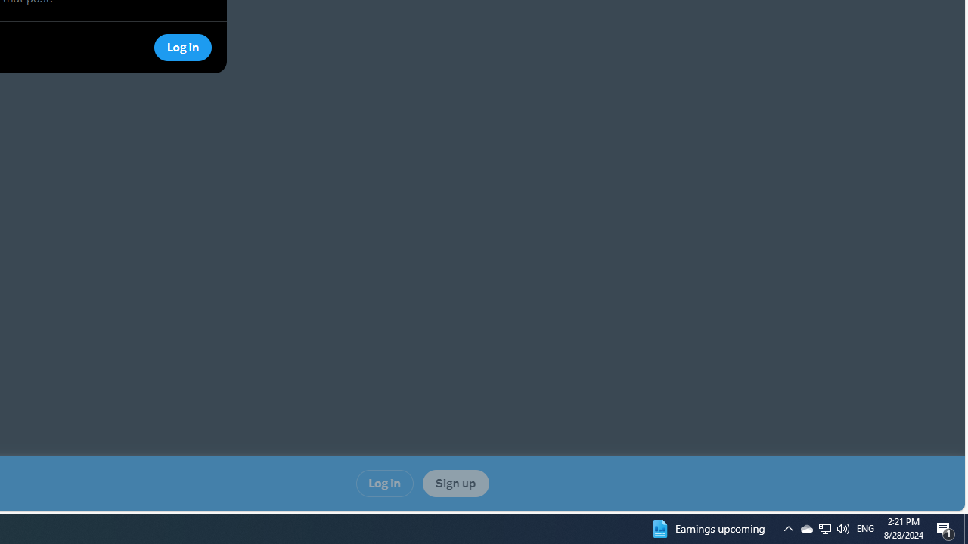 The width and height of the screenshot is (968, 544). Describe the element at coordinates (384, 484) in the screenshot. I see `'Log in'` at that location.